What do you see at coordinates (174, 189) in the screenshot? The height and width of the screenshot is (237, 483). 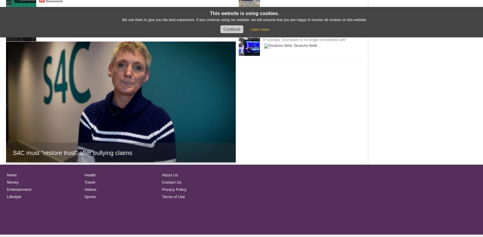 I see `'Privacy Policy'` at bounding box center [174, 189].